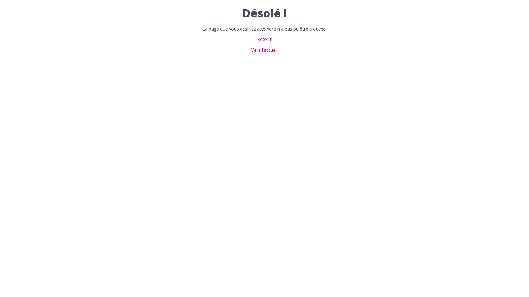 The image size is (529, 297). Describe the element at coordinates (264, 50) in the screenshot. I see `'Vers l'accueil'` at that location.